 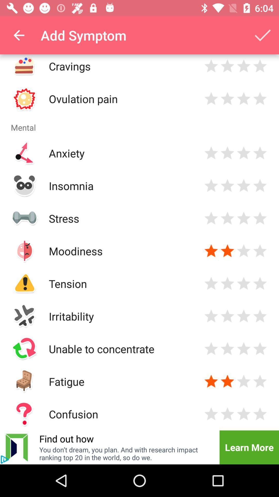 I want to click on rate 2 stars, so click(x=227, y=153).